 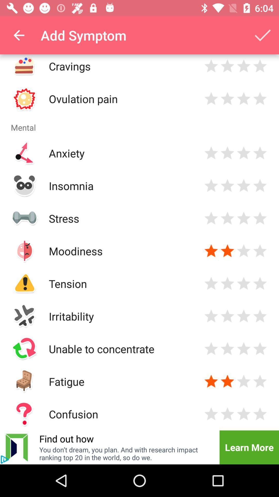 I want to click on rate 2 stars, so click(x=227, y=153).